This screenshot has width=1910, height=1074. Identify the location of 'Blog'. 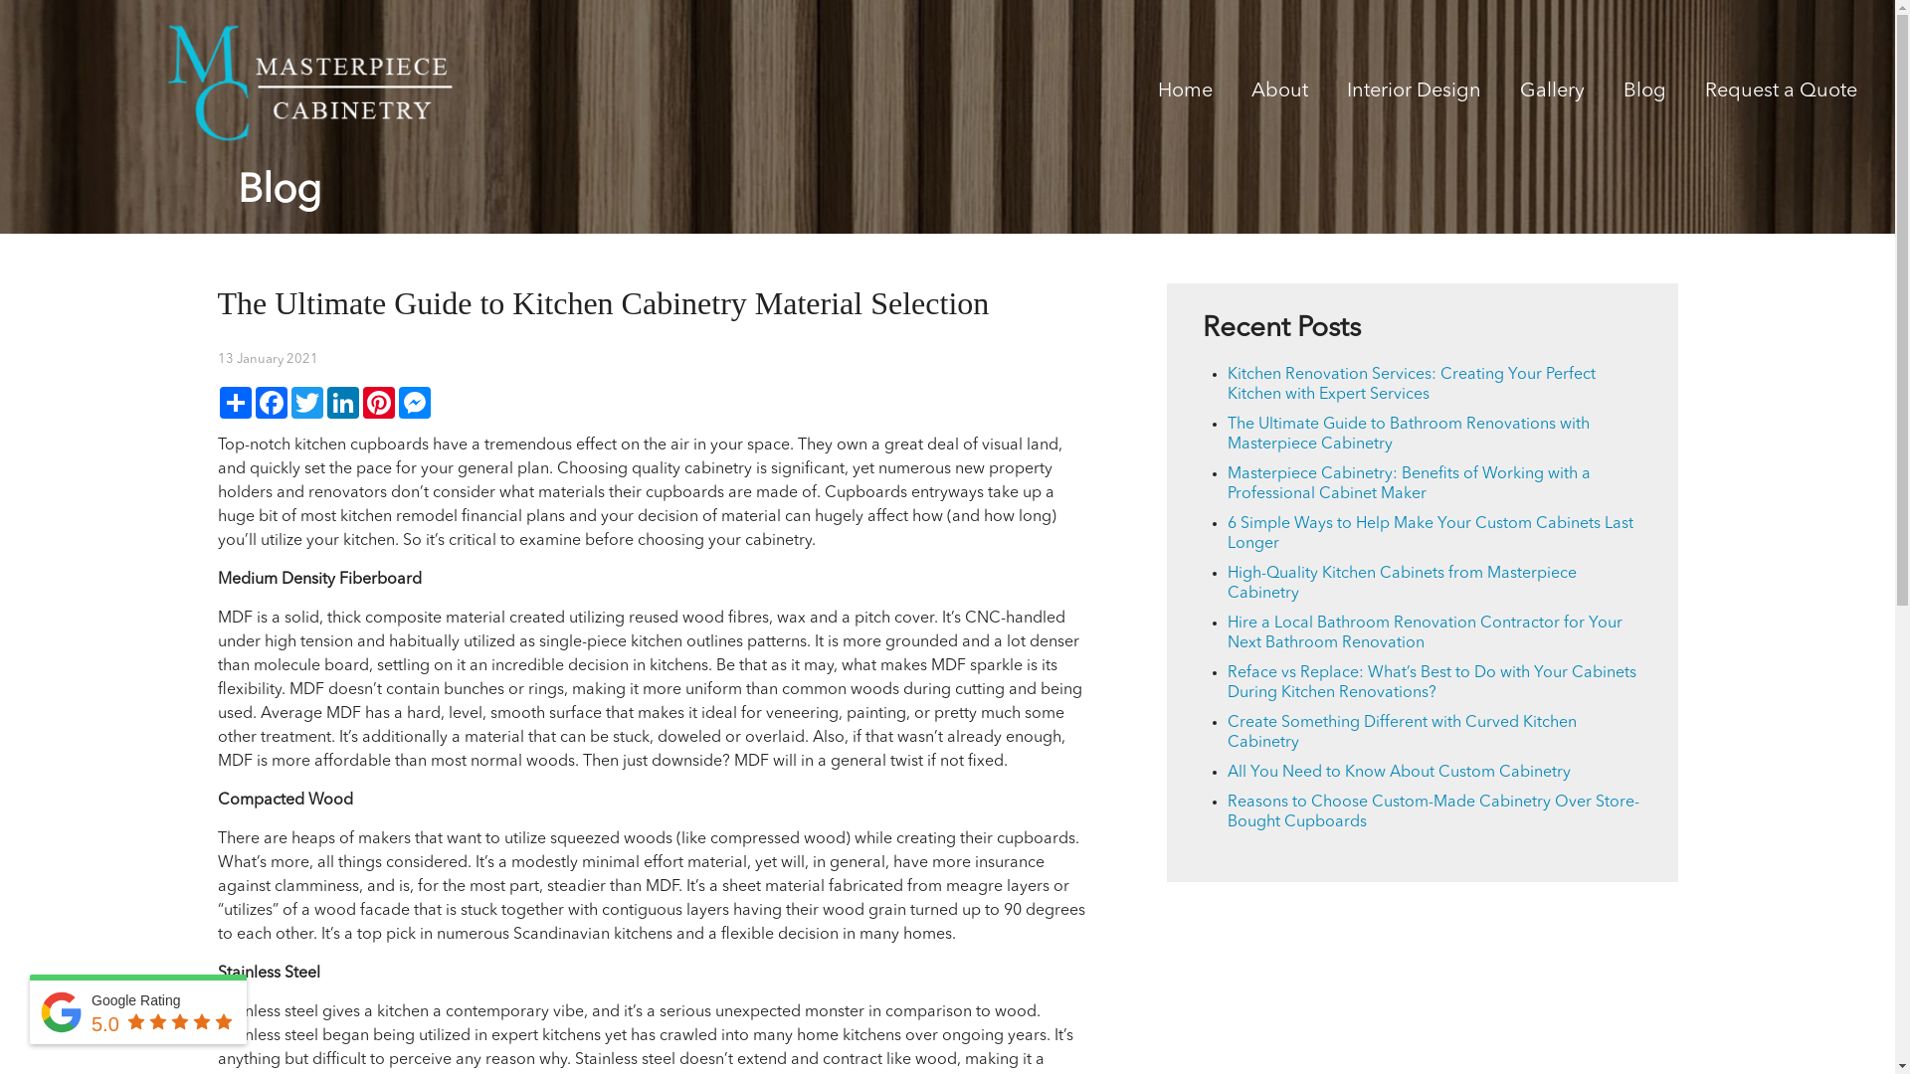
(1644, 94).